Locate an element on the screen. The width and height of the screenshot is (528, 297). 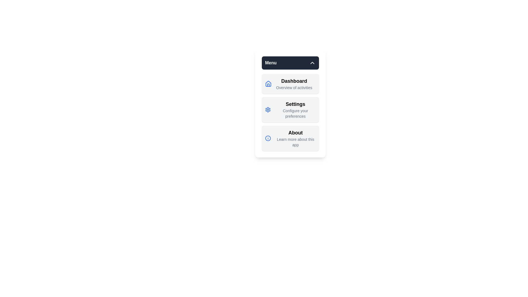
the 'About' menu item is located at coordinates (290, 138).